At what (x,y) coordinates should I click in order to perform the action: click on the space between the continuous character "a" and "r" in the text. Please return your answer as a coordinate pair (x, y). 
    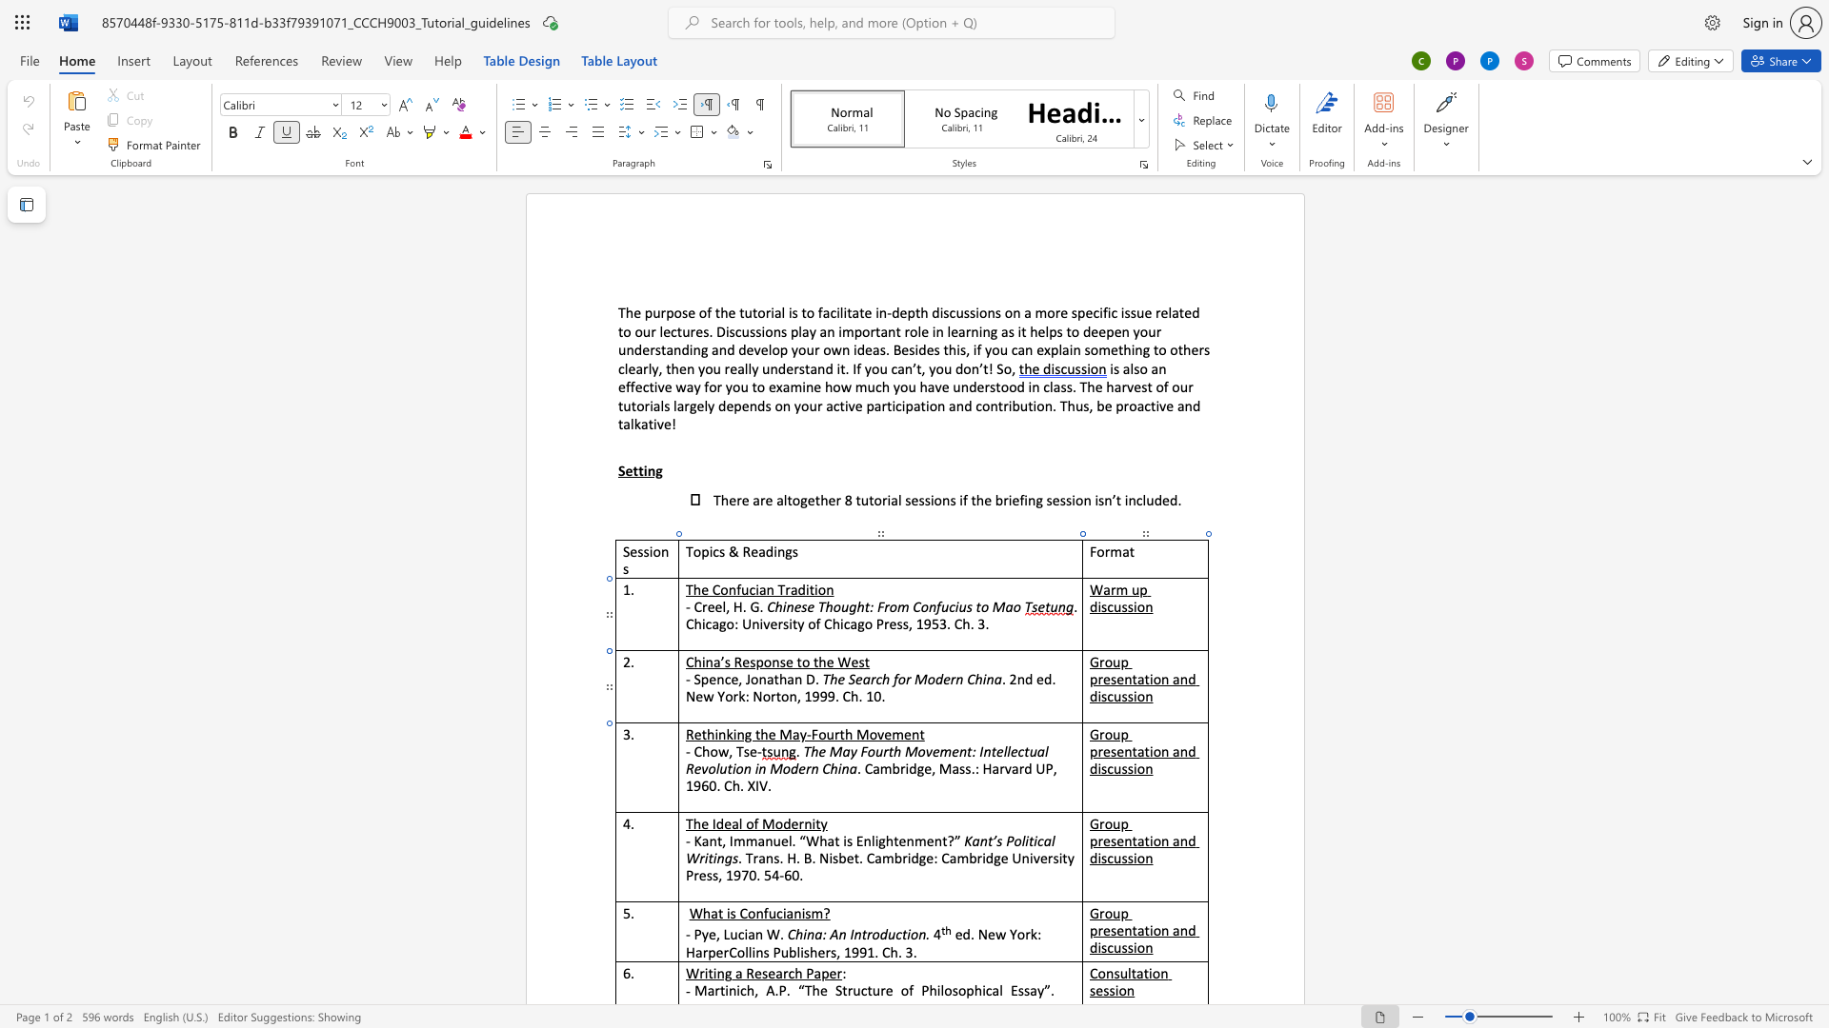
    Looking at the image, I should click on (869, 678).